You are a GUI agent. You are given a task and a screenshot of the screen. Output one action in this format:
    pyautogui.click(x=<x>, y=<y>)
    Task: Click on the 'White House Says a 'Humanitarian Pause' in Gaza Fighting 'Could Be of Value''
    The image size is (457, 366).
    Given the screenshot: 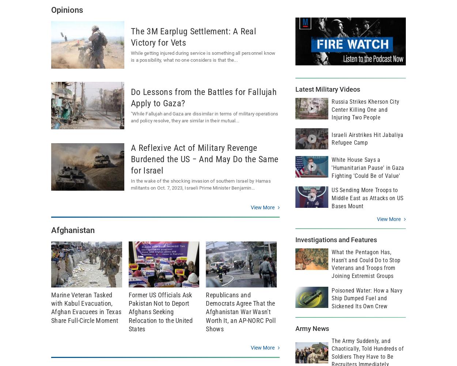 What is the action you would take?
    pyautogui.click(x=368, y=167)
    